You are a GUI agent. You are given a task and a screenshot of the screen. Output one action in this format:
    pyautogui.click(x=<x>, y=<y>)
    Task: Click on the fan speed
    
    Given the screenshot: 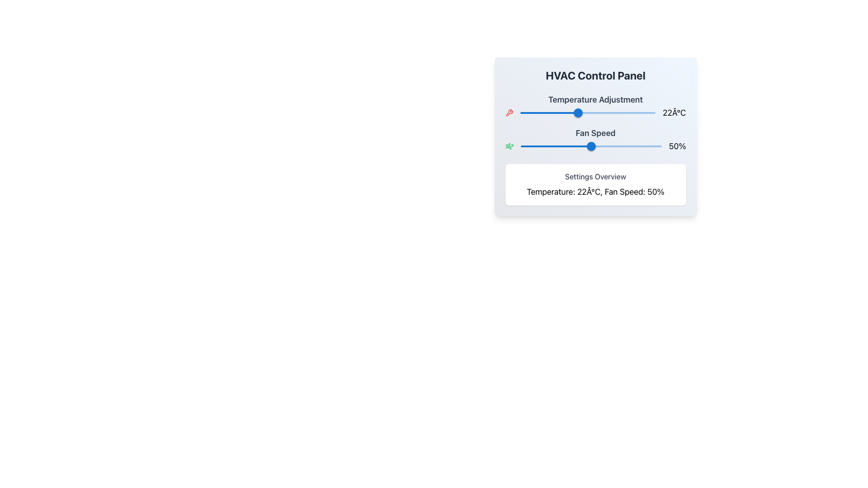 What is the action you would take?
    pyautogui.click(x=547, y=146)
    